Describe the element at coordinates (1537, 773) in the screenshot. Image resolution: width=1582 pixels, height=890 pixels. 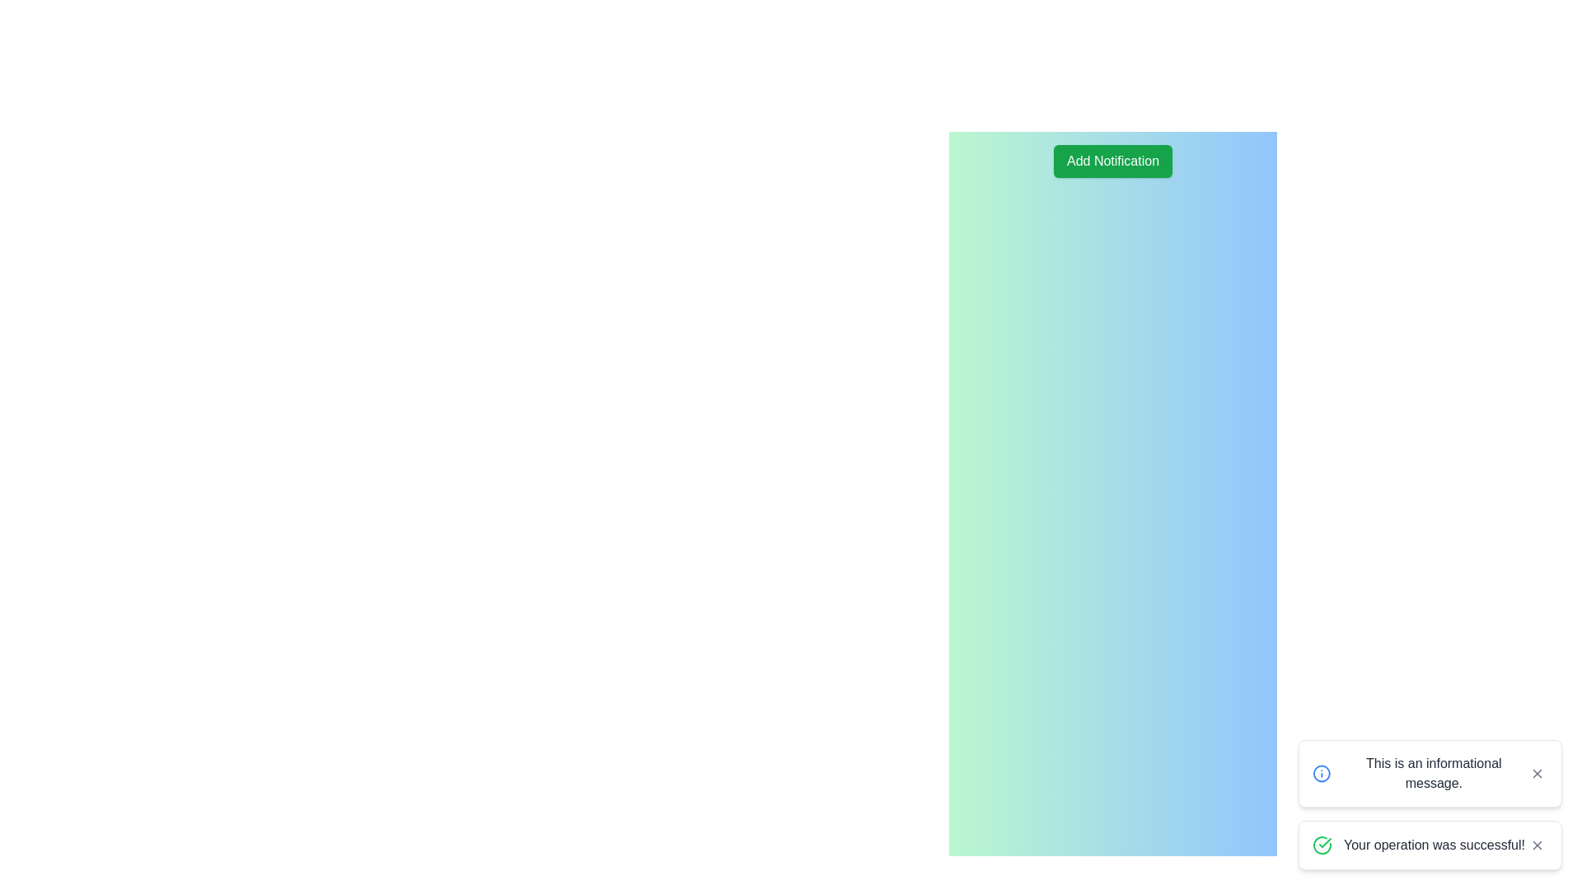
I see `the black 'X' icon close button located in the bottom-right corner of the notification box` at that location.